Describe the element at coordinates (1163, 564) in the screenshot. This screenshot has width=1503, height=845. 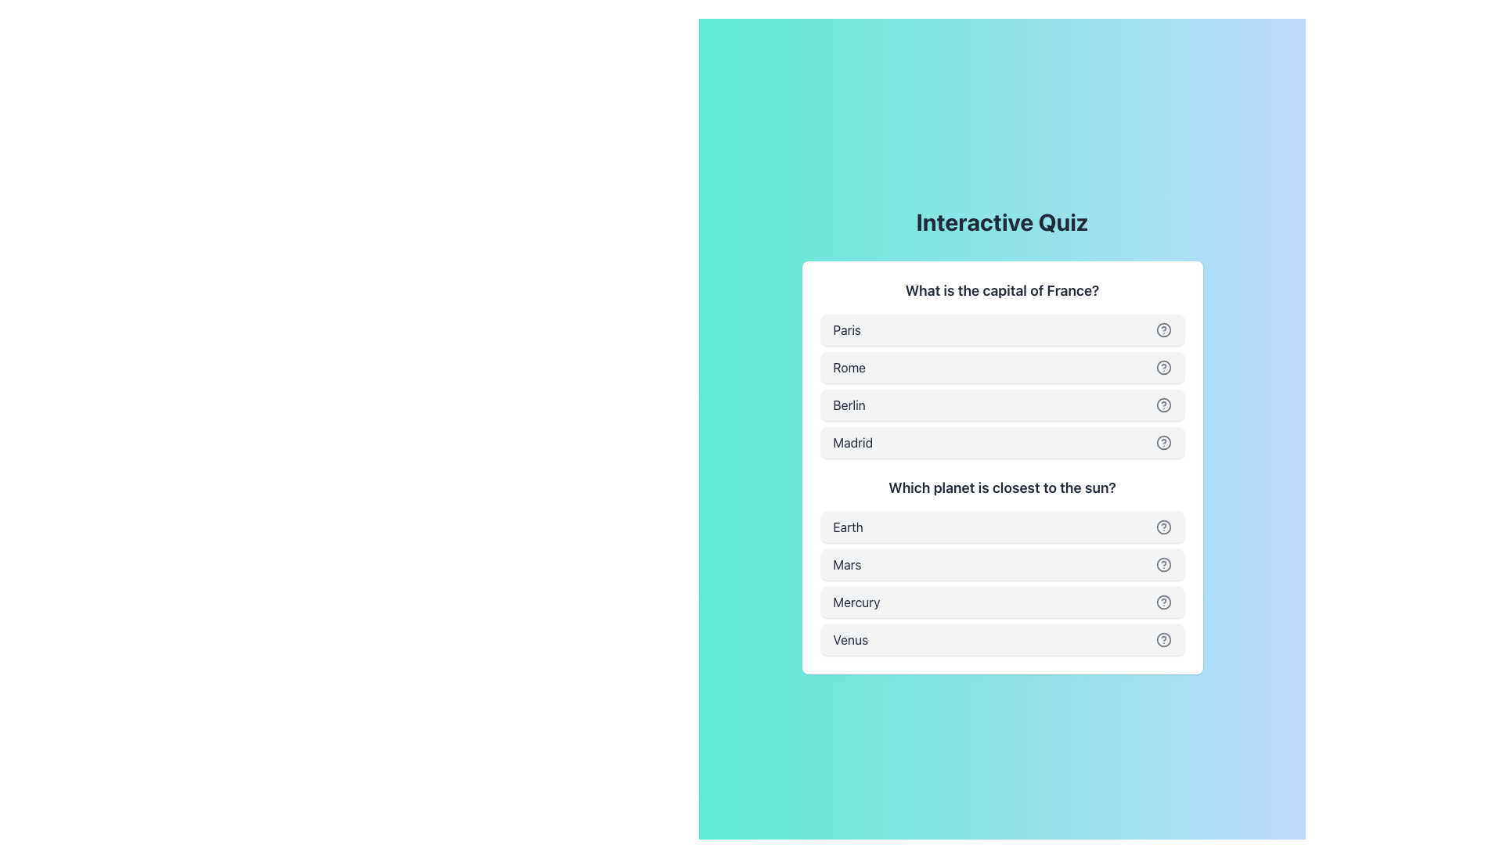
I see `the information button, represented as a circular help icon, located to the right of the 'Mars' option in the 'Which planet is closest to the sun?' question` at that location.